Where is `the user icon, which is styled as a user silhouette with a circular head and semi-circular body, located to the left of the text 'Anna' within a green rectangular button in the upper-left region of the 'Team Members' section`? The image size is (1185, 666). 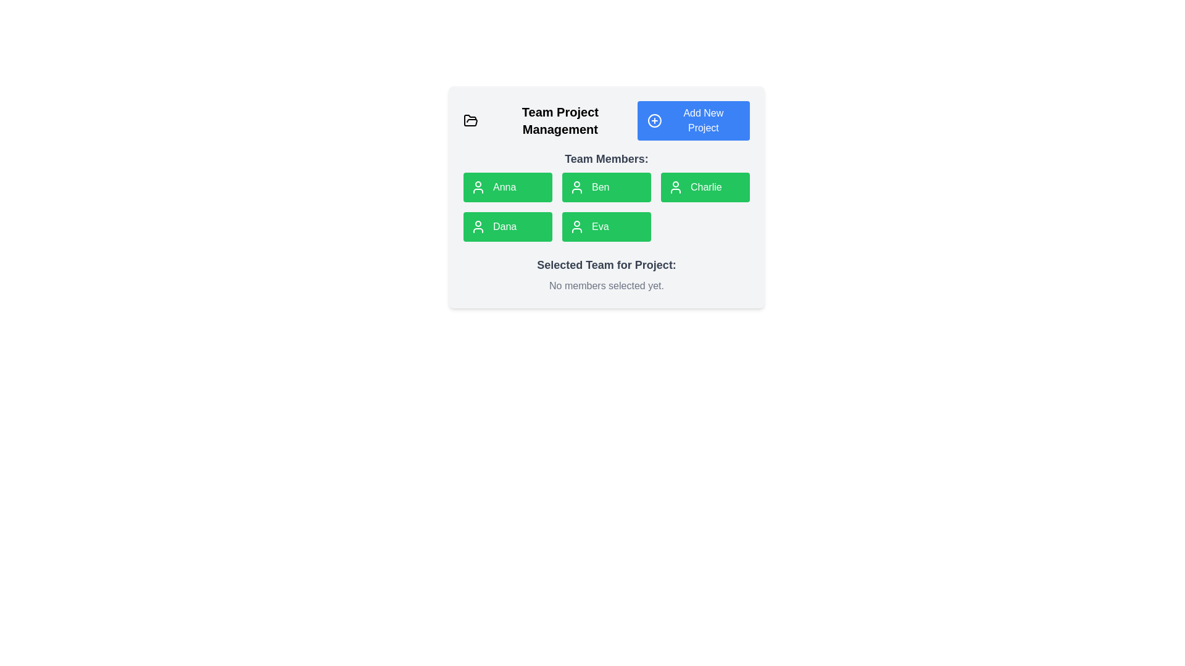 the user icon, which is styled as a user silhouette with a circular head and semi-circular body, located to the left of the text 'Anna' within a green rectangular button in the upper-left region of the 'Team Members' section is located at coordinates (477, 187).